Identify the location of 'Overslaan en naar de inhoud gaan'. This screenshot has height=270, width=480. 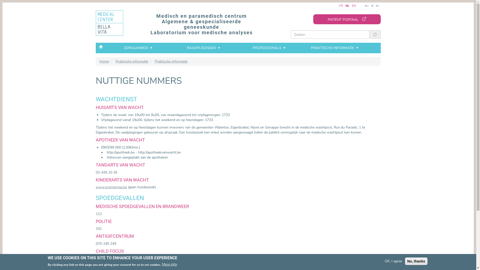
(2, 4).